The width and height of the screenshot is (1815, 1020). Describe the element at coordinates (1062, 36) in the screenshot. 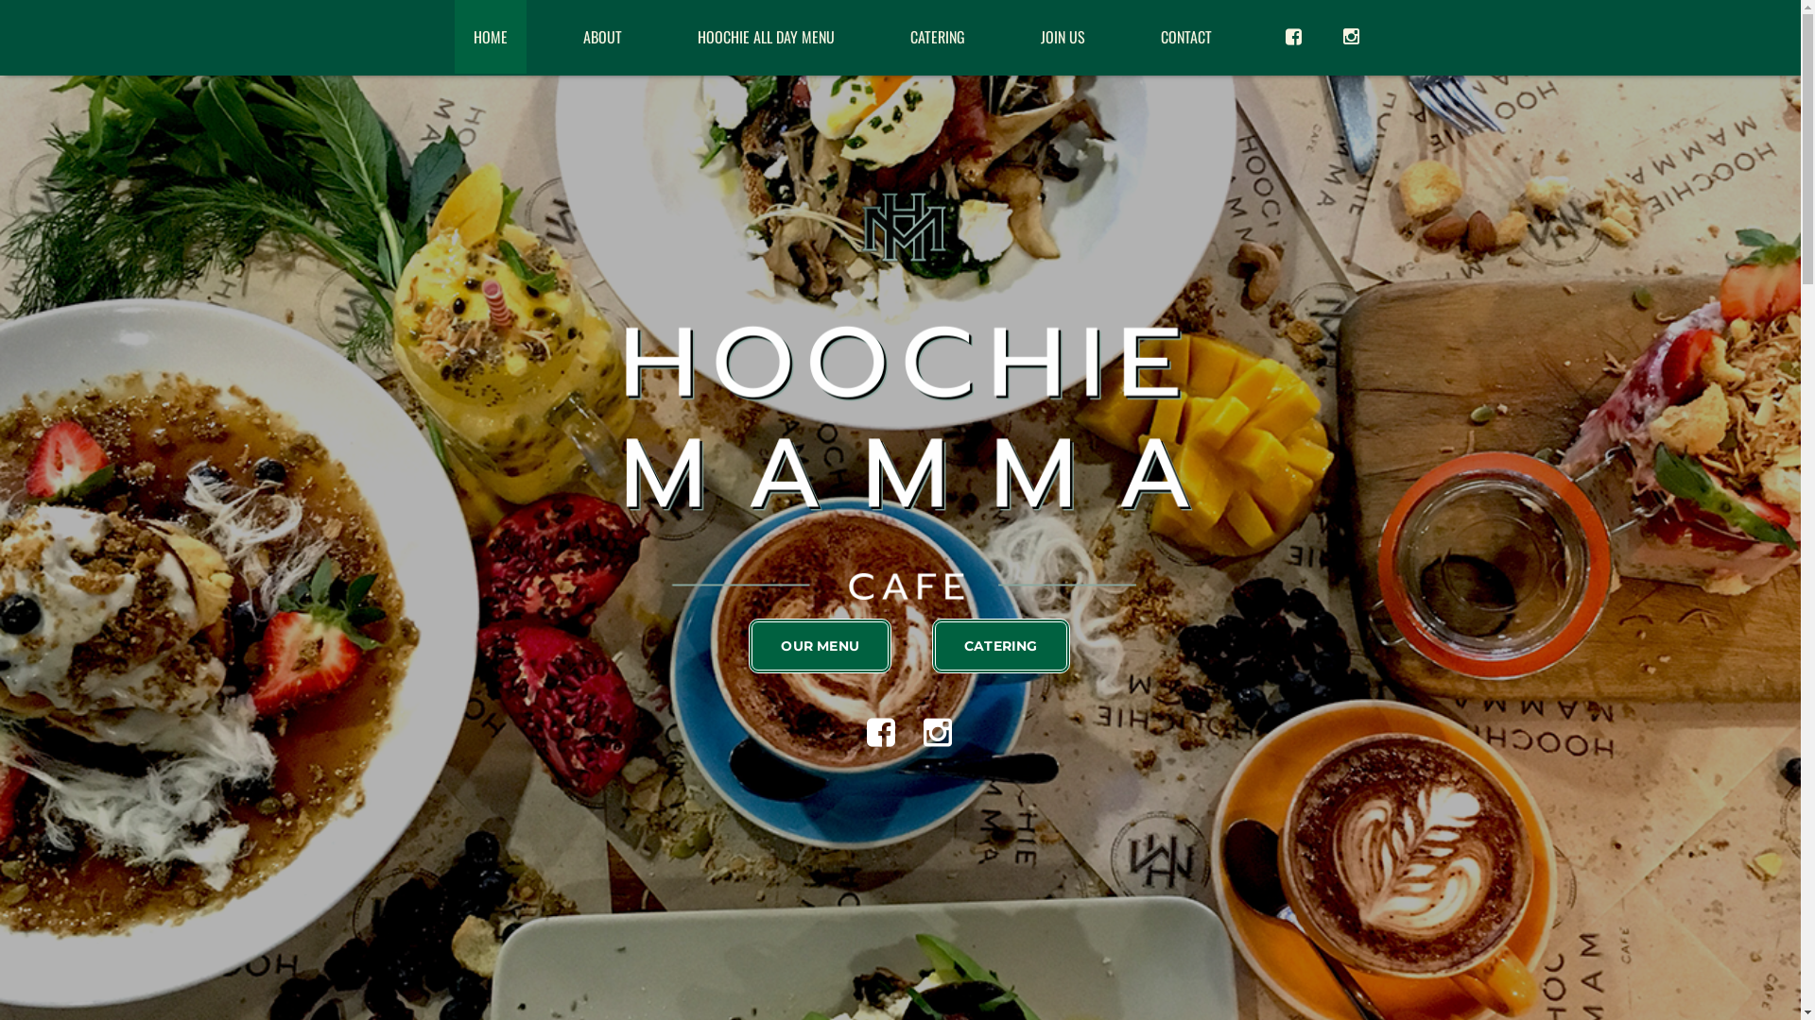

I see `'JOIN US'` at that location.